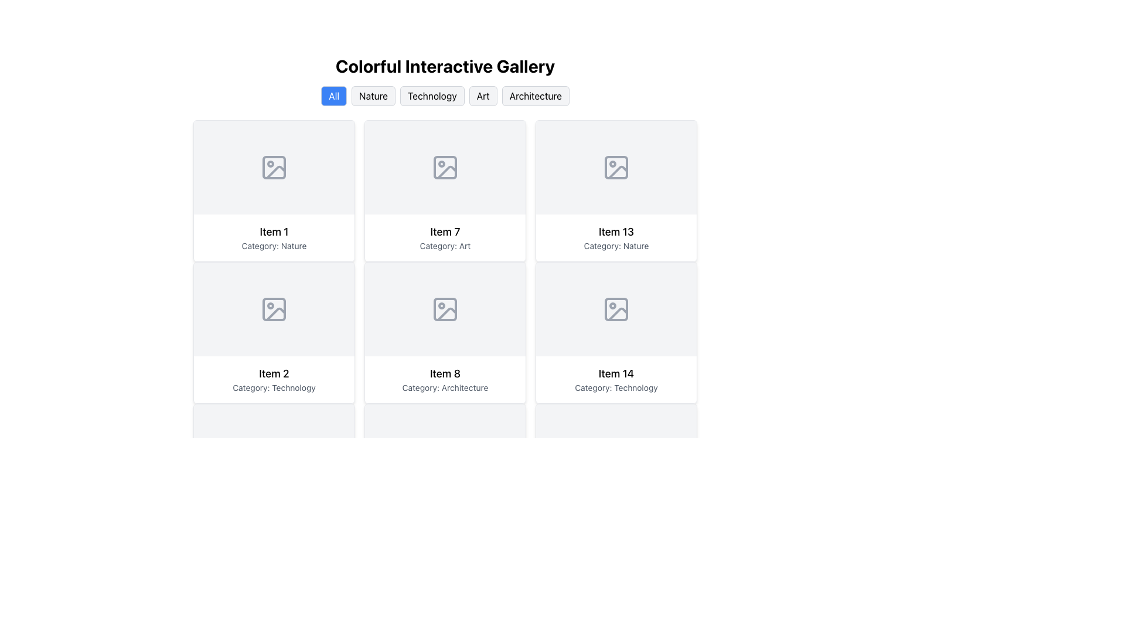  What do you see at coordinates (444, 232) in the screenshot?
I see `the label displaying 'Item 7' which is located in the second card of the second row in the grid, centered in the middle column` at bounding box center [444, 232].